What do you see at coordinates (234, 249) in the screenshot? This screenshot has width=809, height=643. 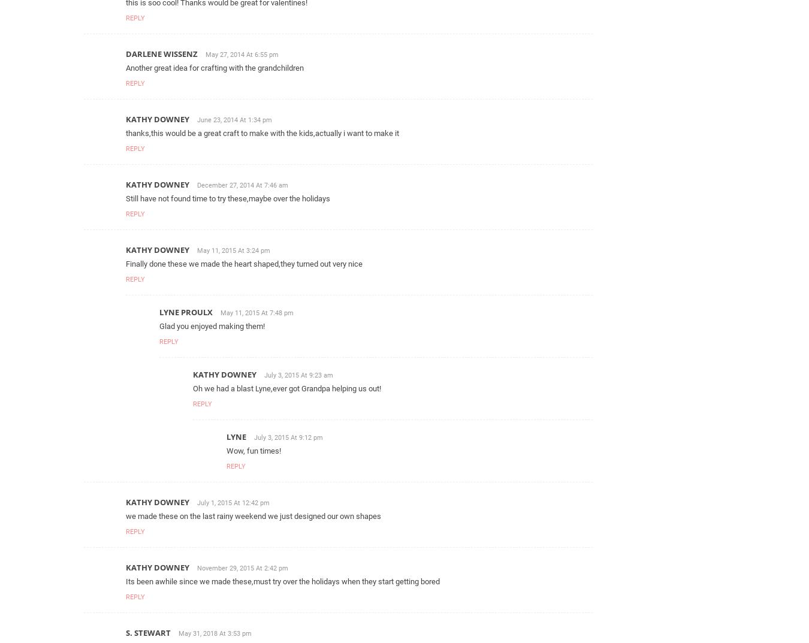 I see `'May 11, 2015						    At						    3:24 pm'` at bounding box center [234, 249].